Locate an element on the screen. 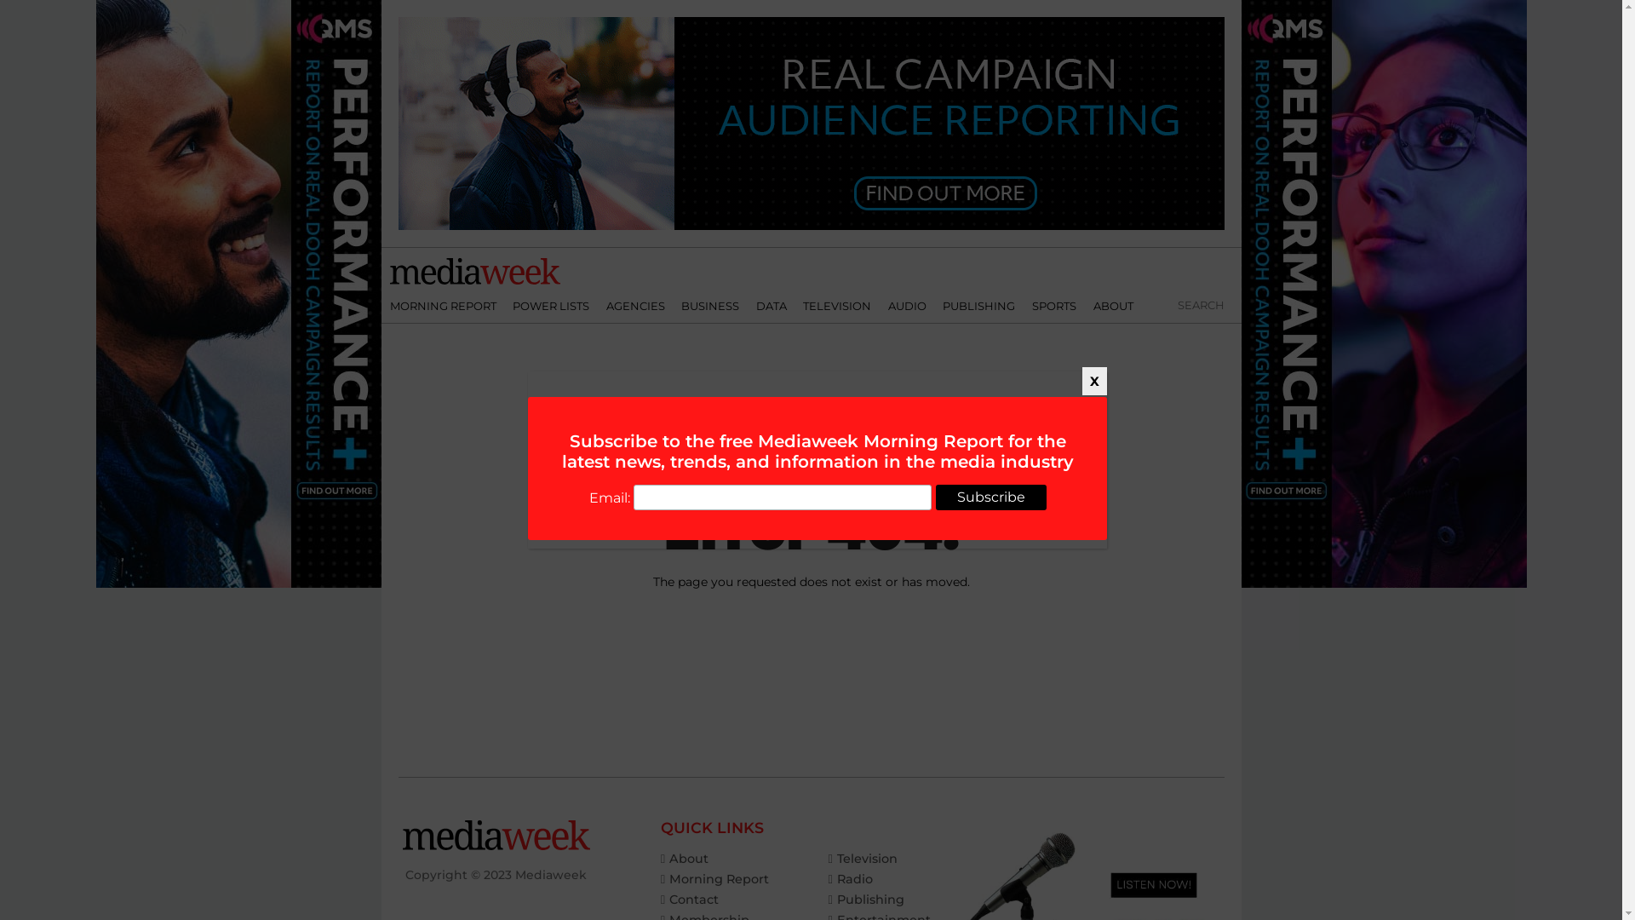 Image resolution: width=1635 pixels, height=920 pixels. 'X' is located at coordinates (1094, 380).